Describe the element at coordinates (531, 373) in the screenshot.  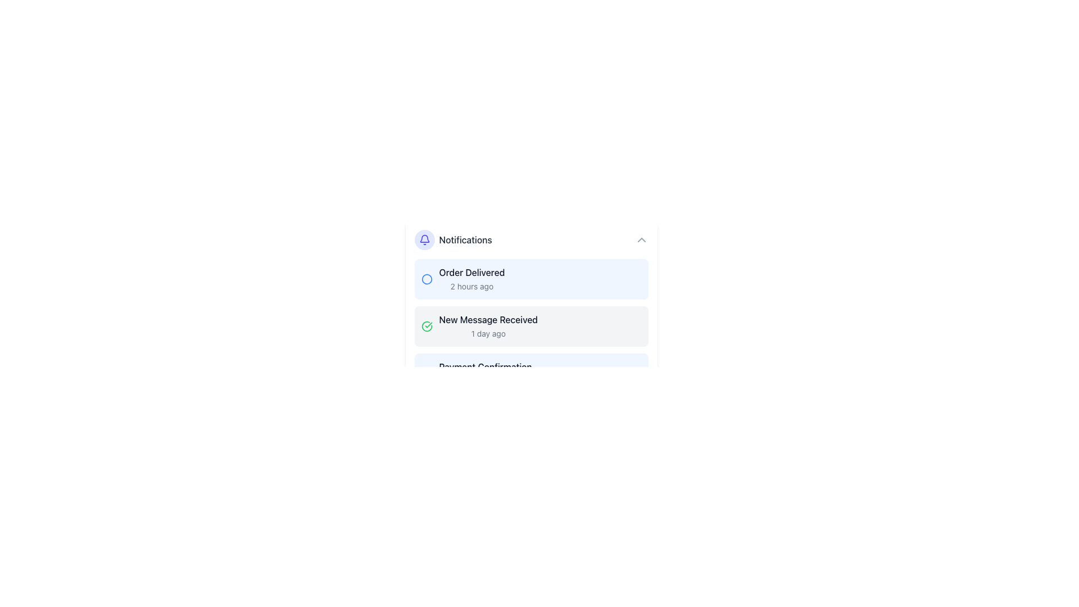
I see `the Notification Item displaying 'Payment Confirmation' with a light blue background, located in the third position of the notification list` at that location.